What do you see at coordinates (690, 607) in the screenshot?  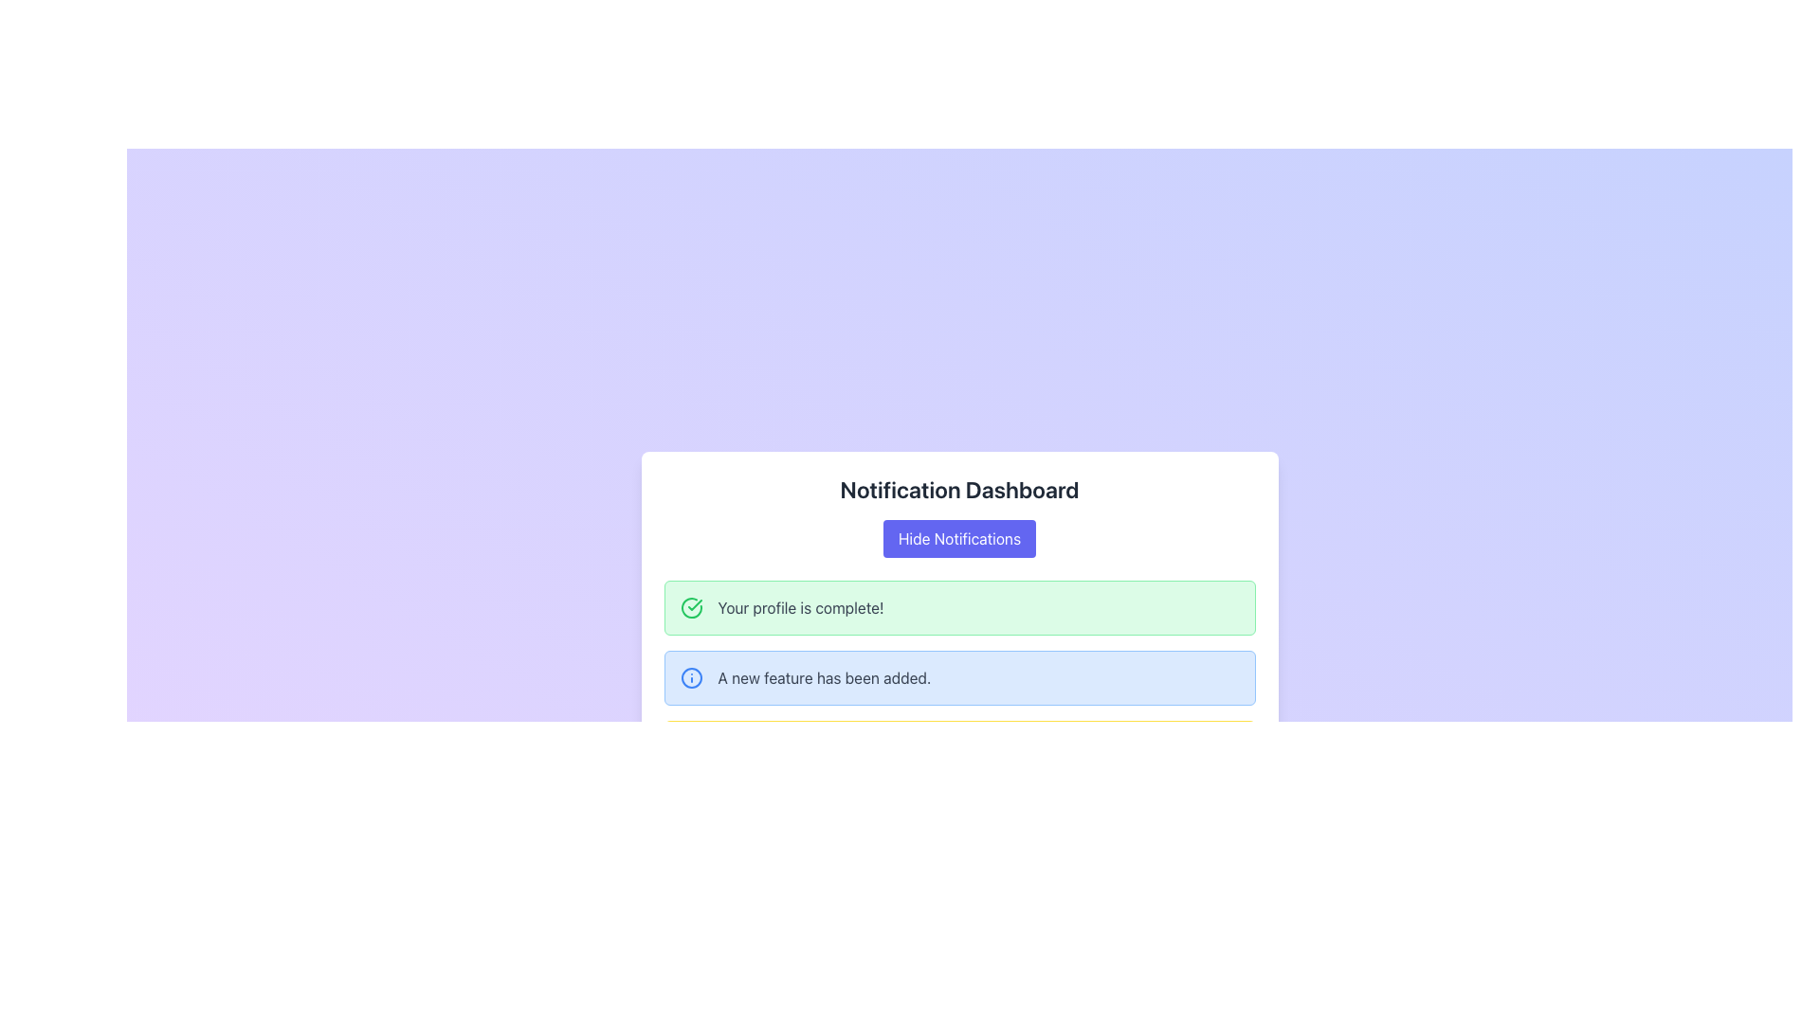 I see `the completion status icon located next to the green notification message 'Your profile is complete!' within the notification dashboard` at bounding box center [690, 607].